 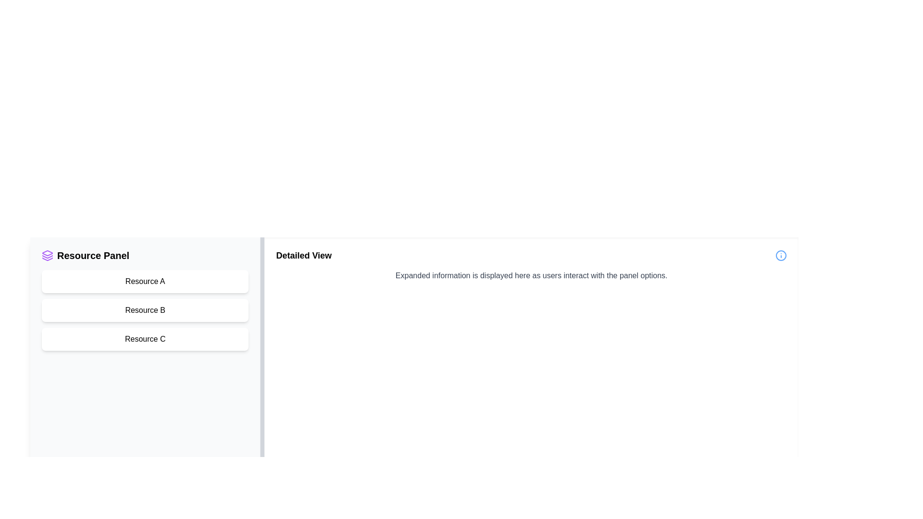 What do you see at coordinates (781, 255) in the screenshot?
I see `the 'info' icon located in the upper-right corner of the 'Detailed View' section` at bounding box center [781, 255].